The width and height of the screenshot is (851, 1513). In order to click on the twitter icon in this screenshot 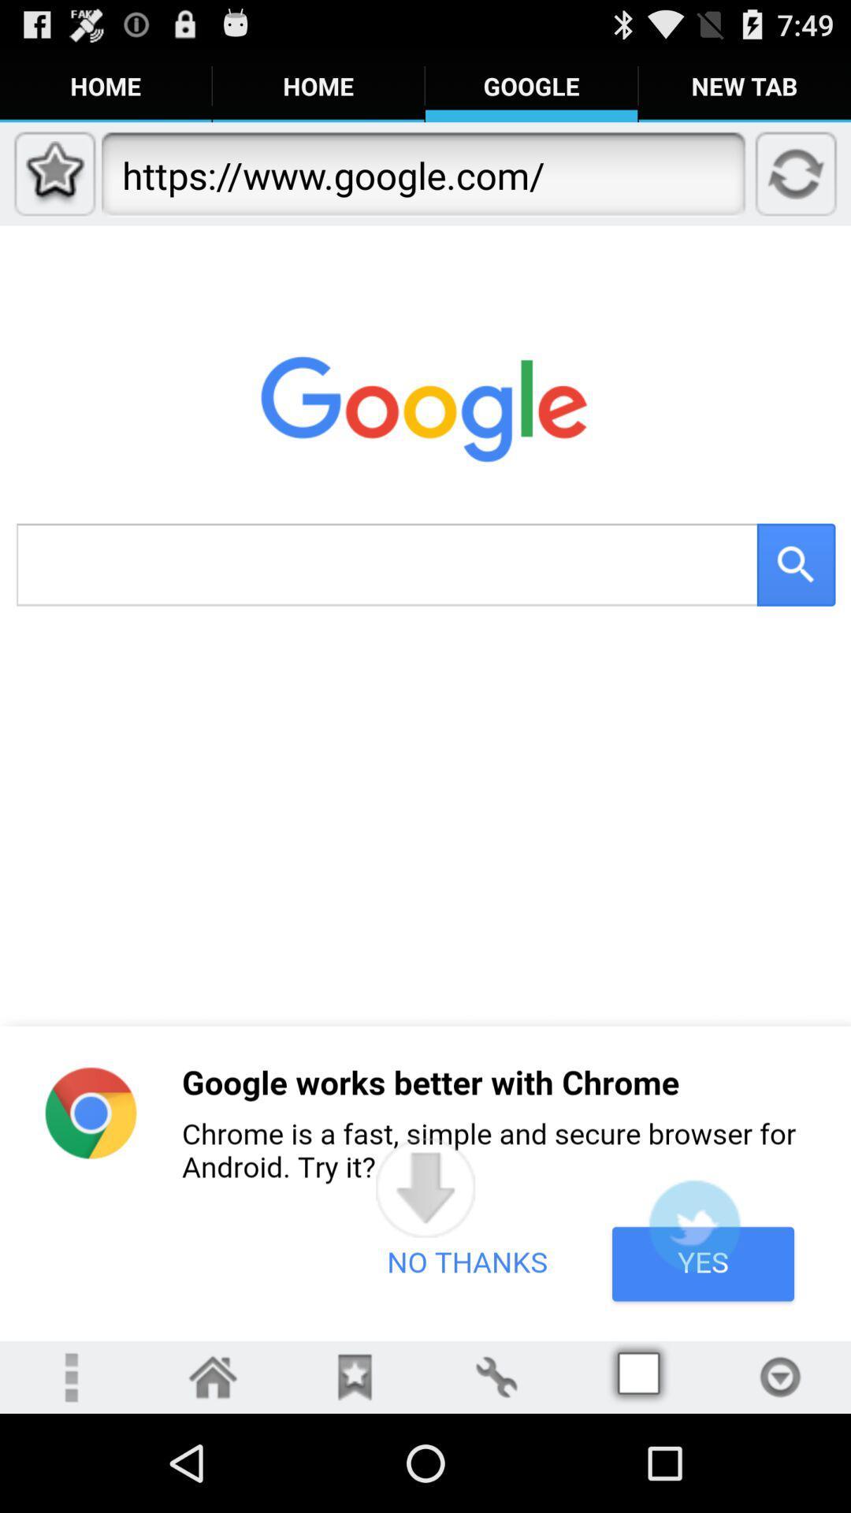, I will do `click(693, 1312)`.